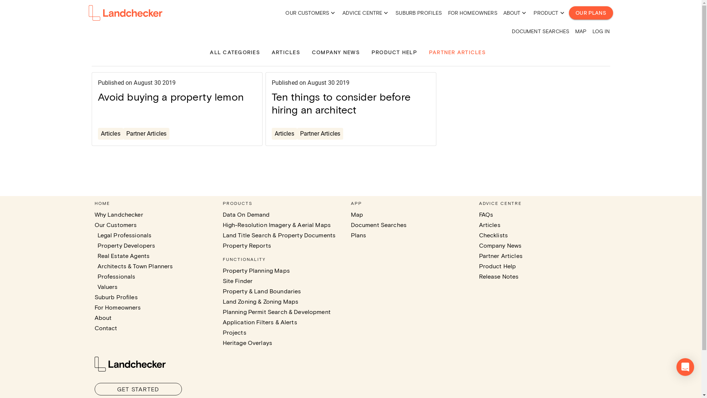 The image size is (707, 398). I want to click on 'LOG IN', so click(601, 31).